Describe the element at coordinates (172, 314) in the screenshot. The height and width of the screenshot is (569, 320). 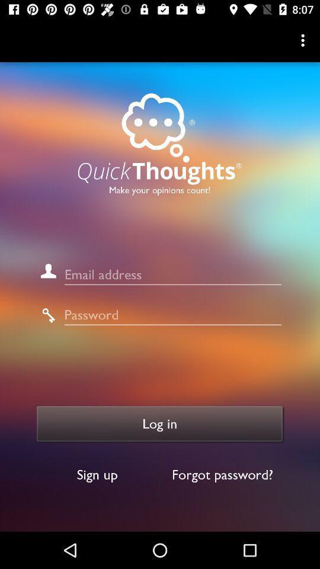
I see `password field` at that location.